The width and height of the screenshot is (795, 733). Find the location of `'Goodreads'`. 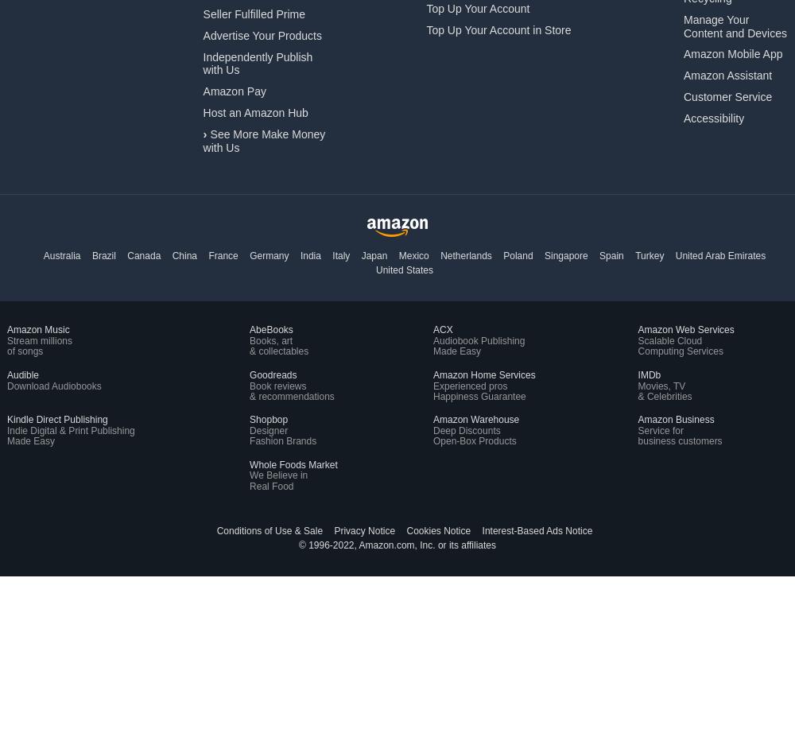

'Goodreads' is located at coordinates (272, 374).